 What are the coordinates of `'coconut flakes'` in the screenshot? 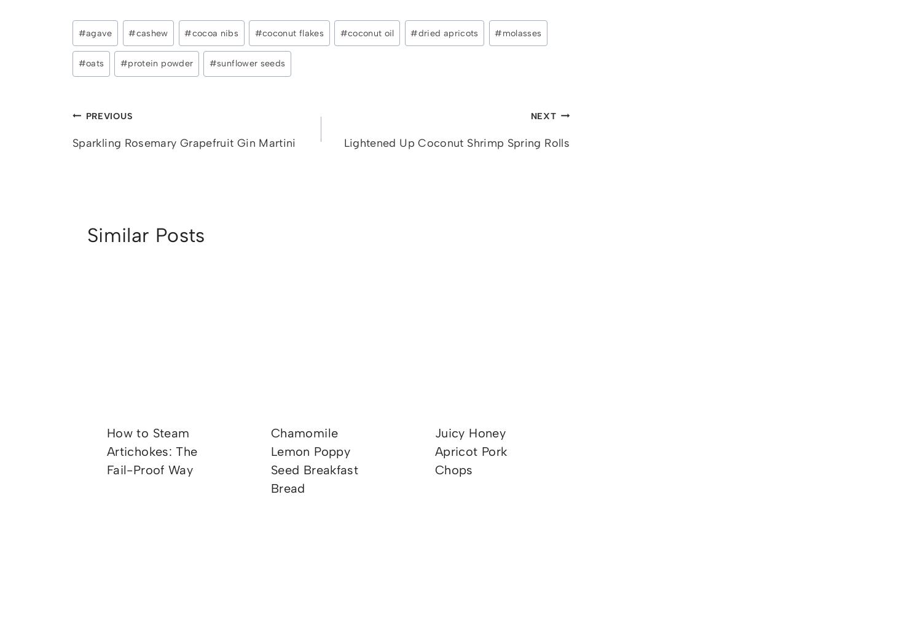 It's located at (292, 32).